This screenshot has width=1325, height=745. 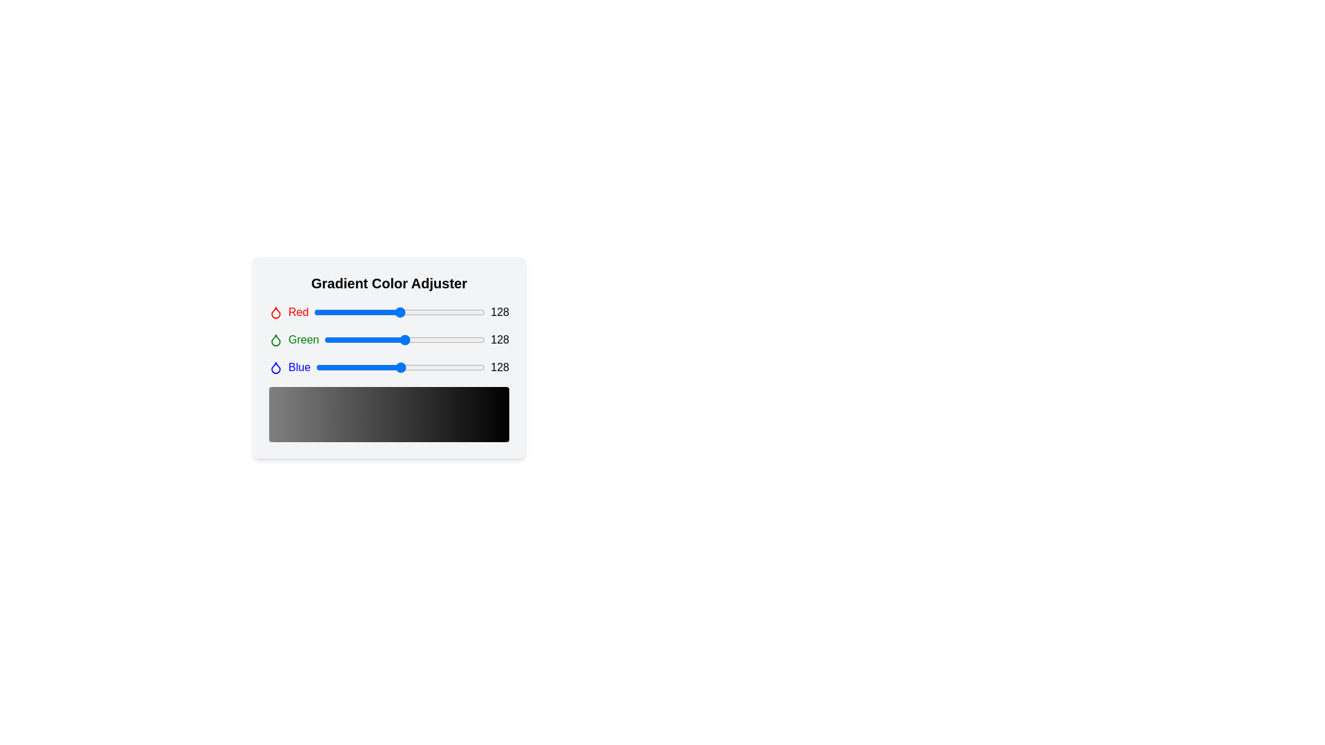 I want to click on the red color slider to 102, so click(x=382, y=312).